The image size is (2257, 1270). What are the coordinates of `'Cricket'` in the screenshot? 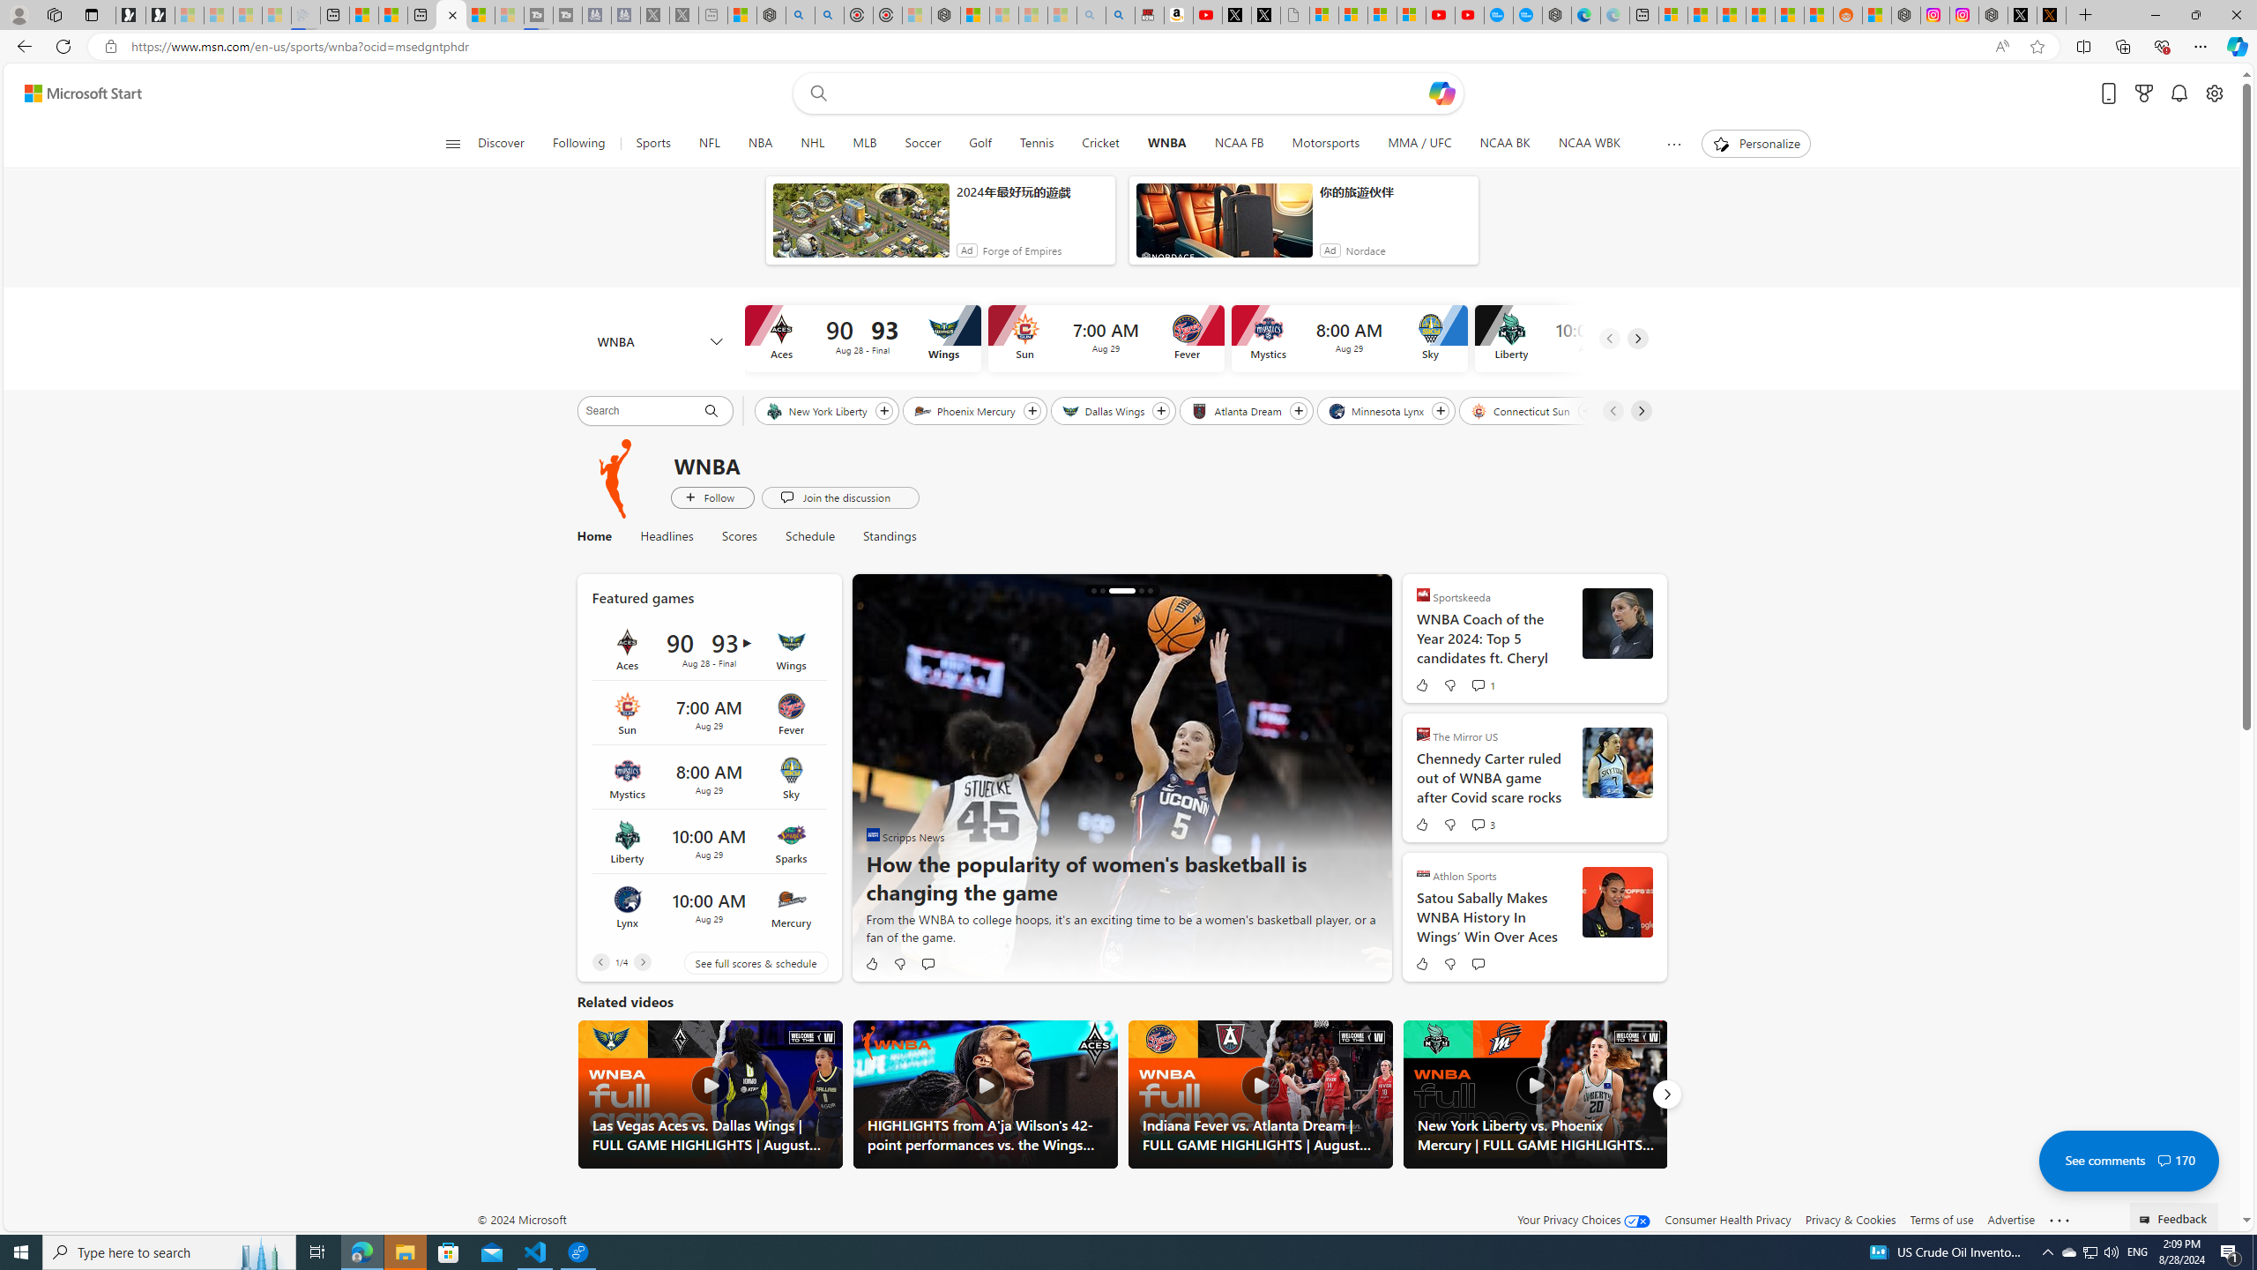 It's located at (1099, 143).